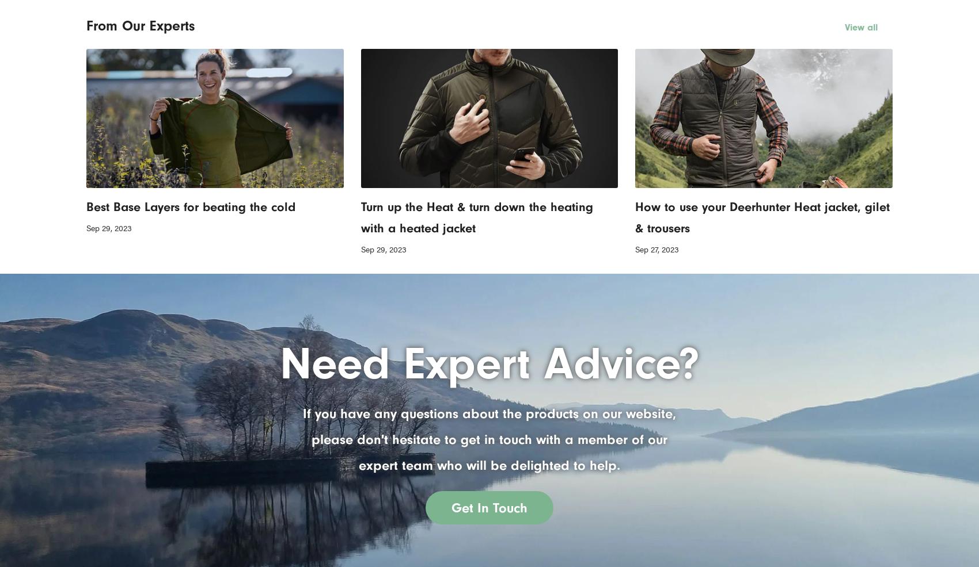 The image size is (979, 567). Describe the element at coordinates (490, 439) in the screenshot. I see `'If you have any questions about the products on our website, please don't hesitate to get in touch with a member of our expert team who will be delighted to help.'` at that location.